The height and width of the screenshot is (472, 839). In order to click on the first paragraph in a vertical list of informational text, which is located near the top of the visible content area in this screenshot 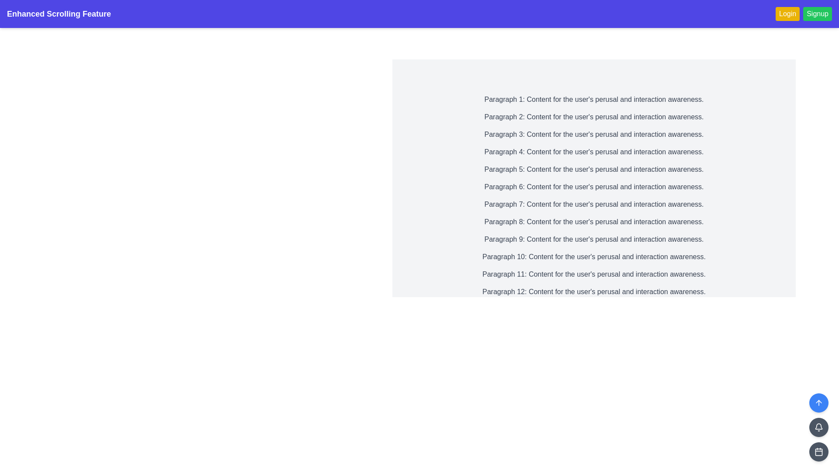, I will do `click(594, 99)`.